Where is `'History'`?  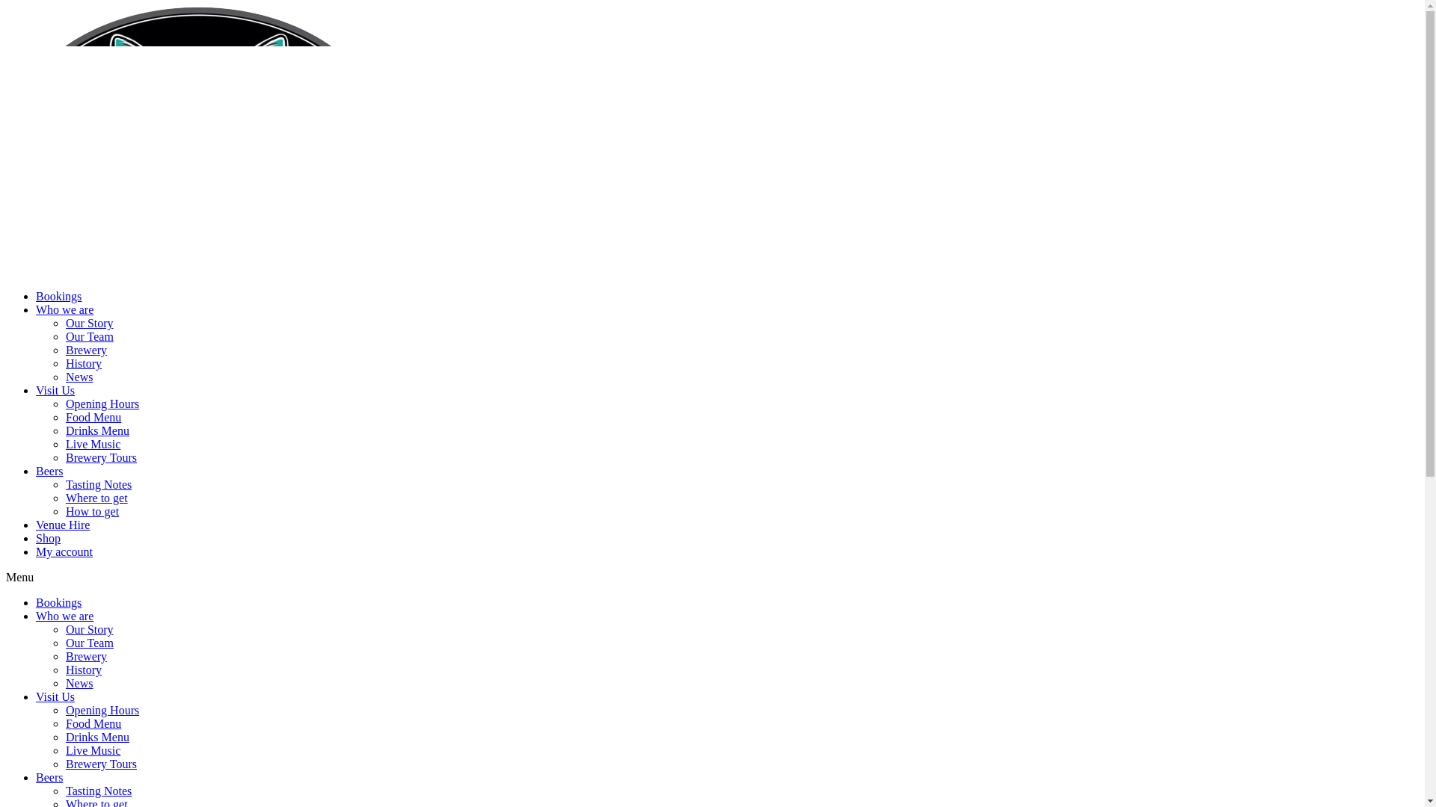 'History' is located at coordinates (64, 669).